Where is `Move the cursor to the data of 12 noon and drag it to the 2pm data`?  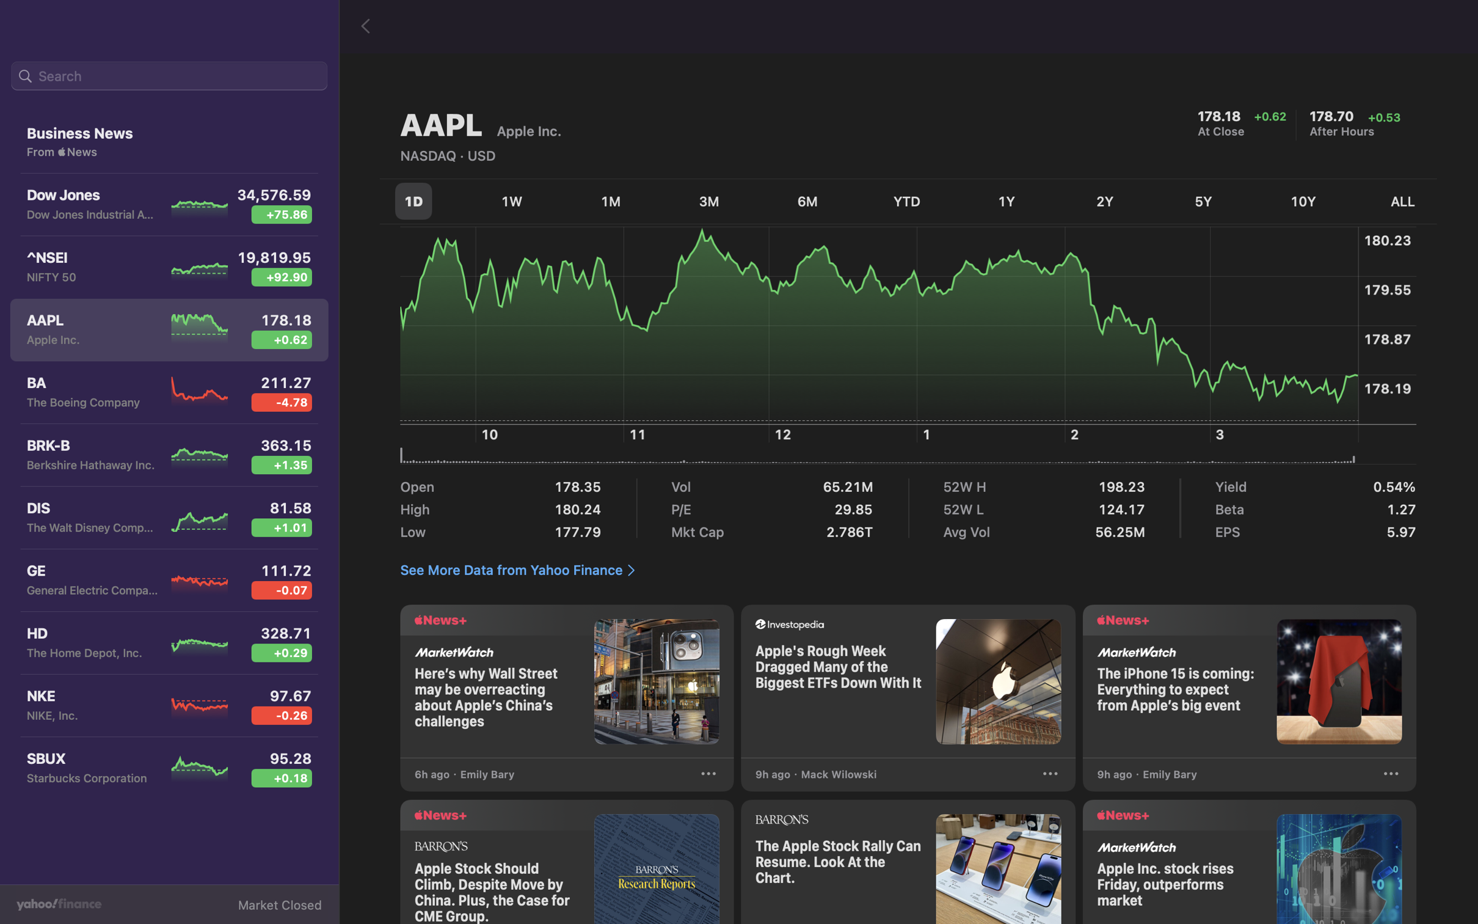 Move the cursor to the data of 12 noon and drag it to the 2pm data is located at coordinates (2265774, 636174).